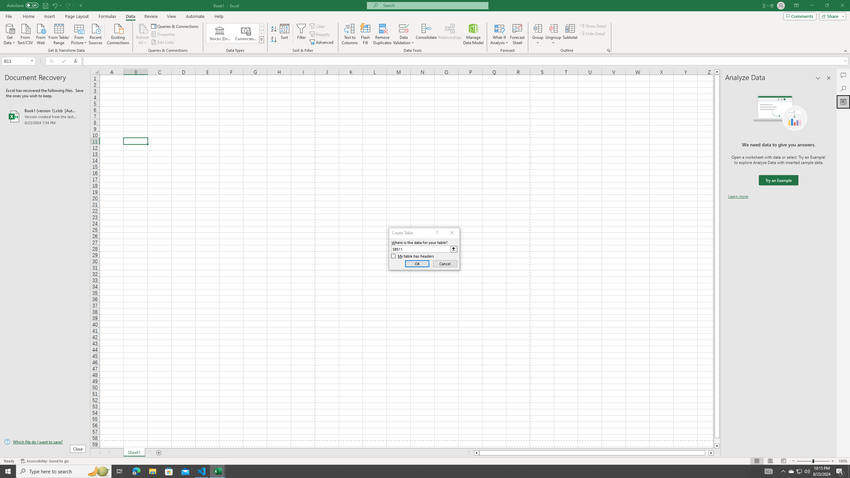 Image resolution: width=850 pixels, height=478 pixels. Describe the element at coordinates (499, 34) in the screenshot. I see `'What-If Analysis'` at that location.